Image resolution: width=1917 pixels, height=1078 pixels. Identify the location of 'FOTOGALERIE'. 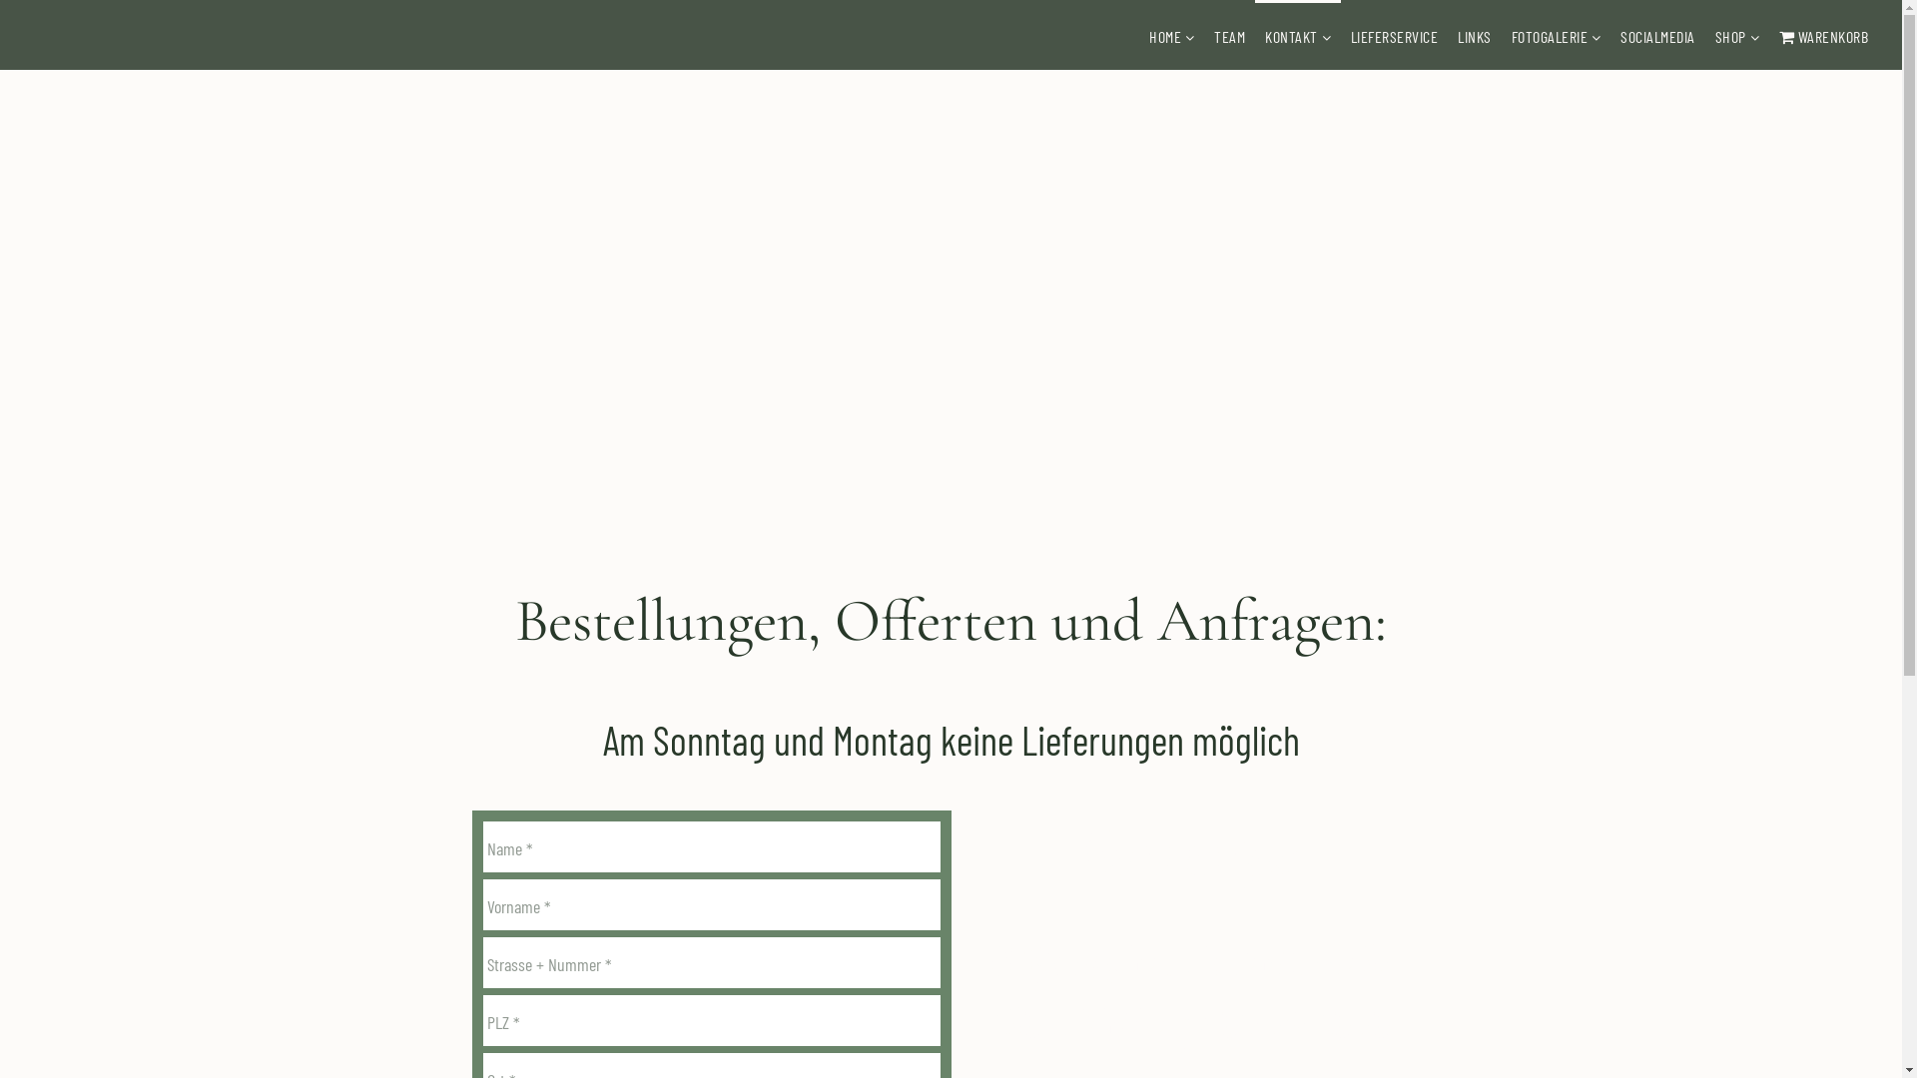
(1549, 36).